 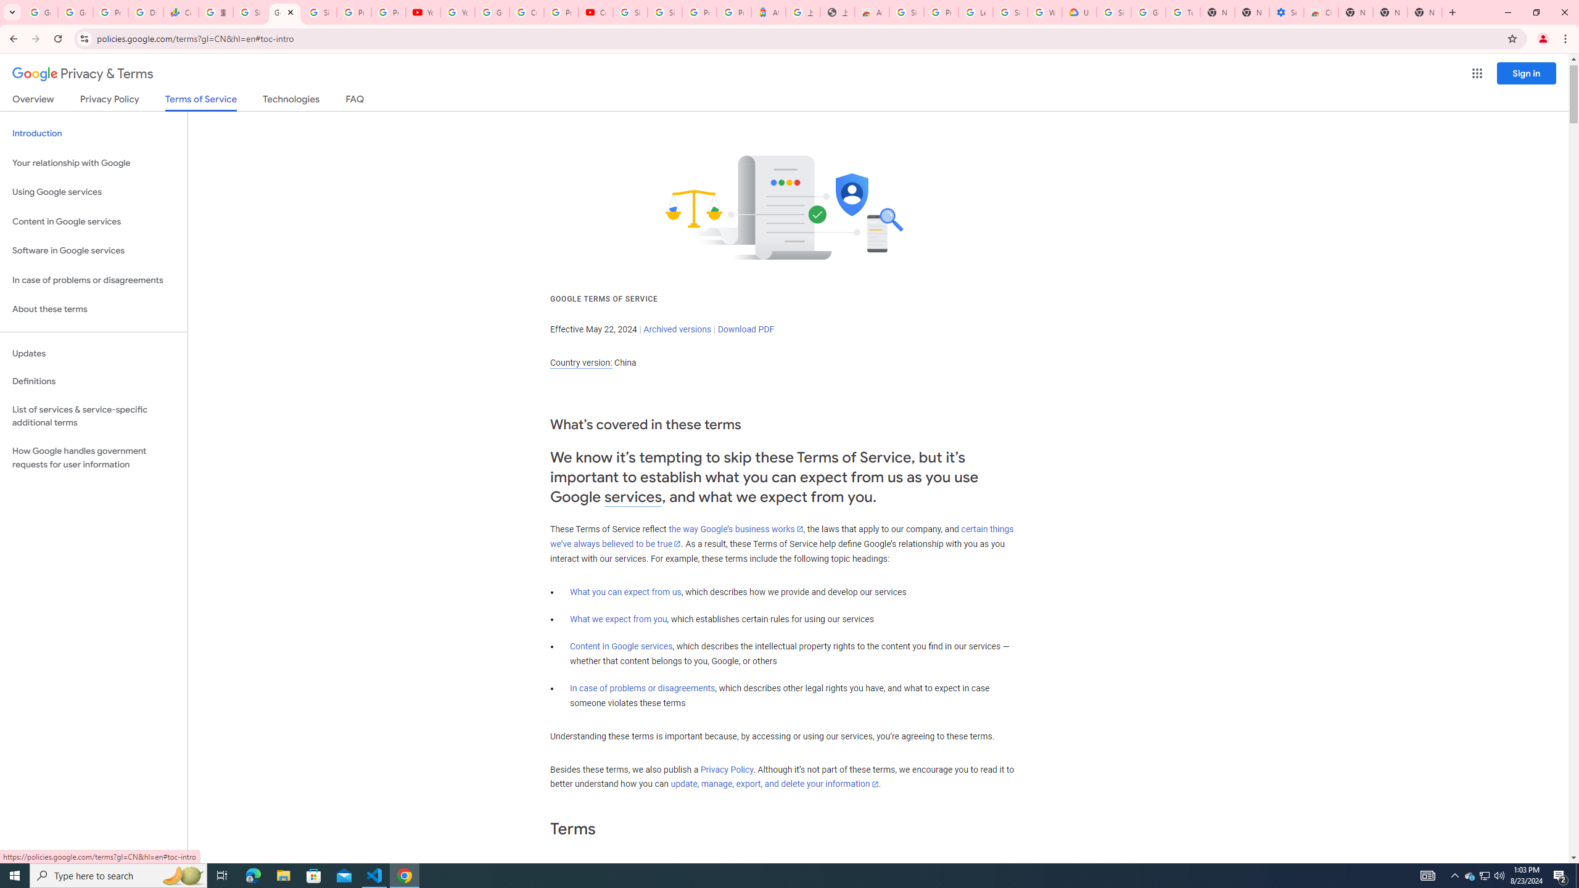 What do you see at coordinates (641, 688) in the screenshot?
I see `'In case of problems or disagreements'` at bounding box center [641, 688].